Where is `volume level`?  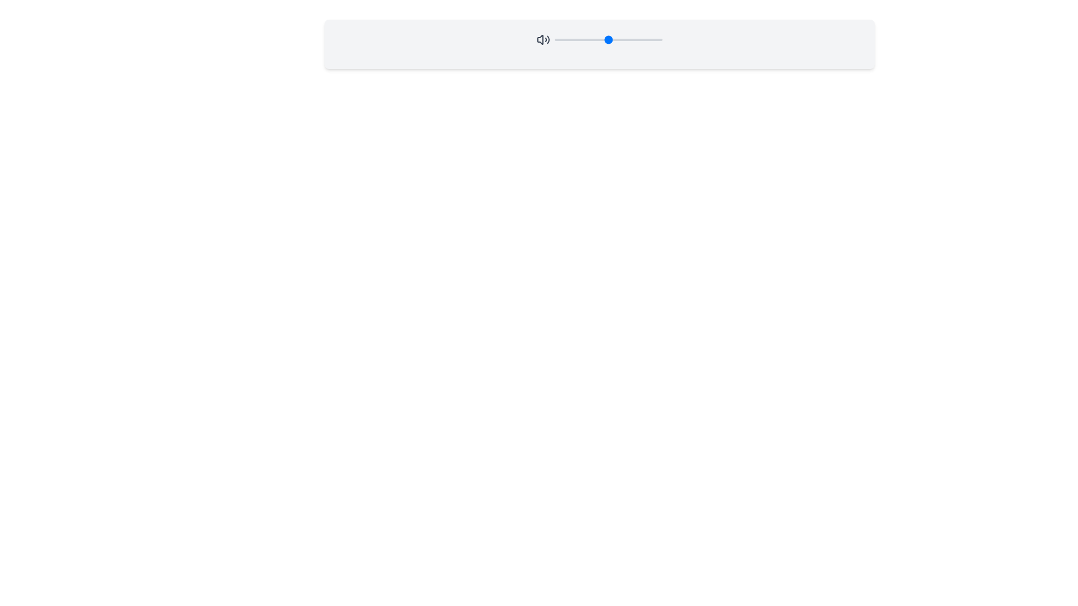 volume level is located at coordinates (581, 39).